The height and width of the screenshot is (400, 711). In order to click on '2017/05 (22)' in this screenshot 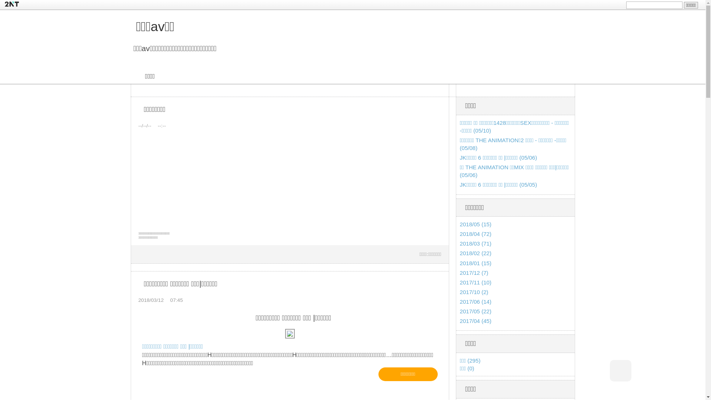, I will do `click(476, 311)`.